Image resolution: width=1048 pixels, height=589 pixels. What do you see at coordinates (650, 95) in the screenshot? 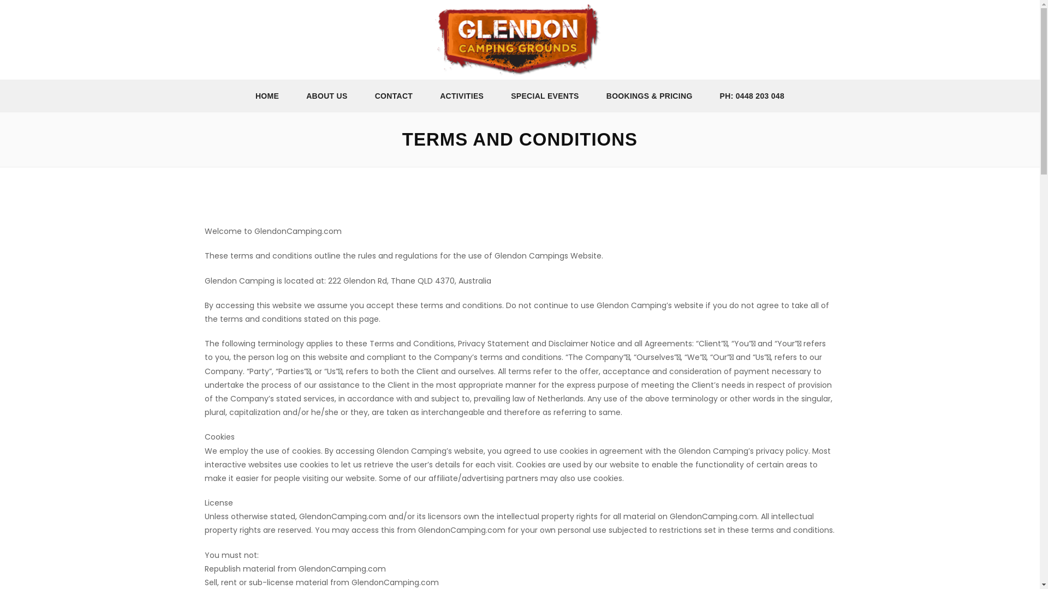
I see `'BOOKINGS & PRICING'` at bounding box center [650, 95].